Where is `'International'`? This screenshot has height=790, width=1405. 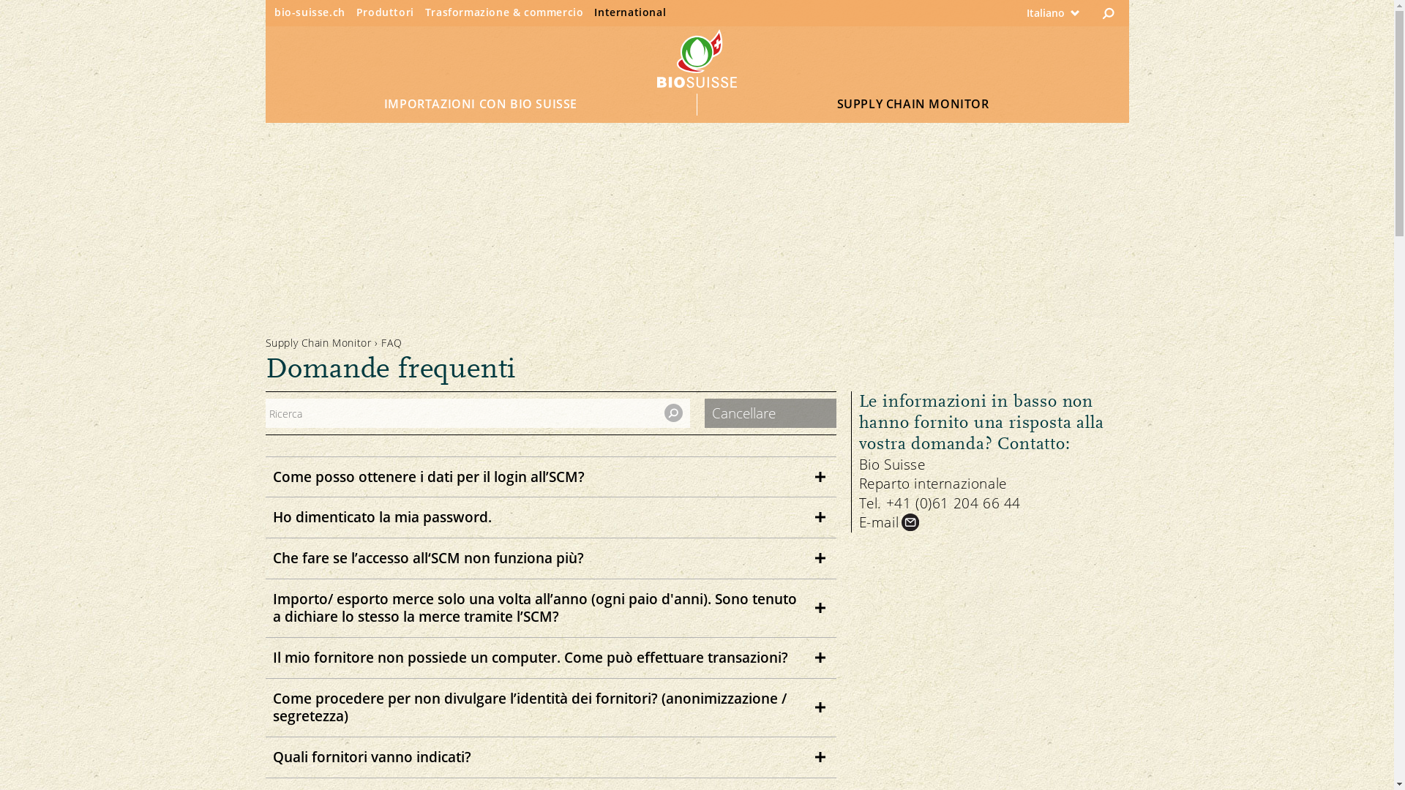
'International' is located at coordinates (629, 12).